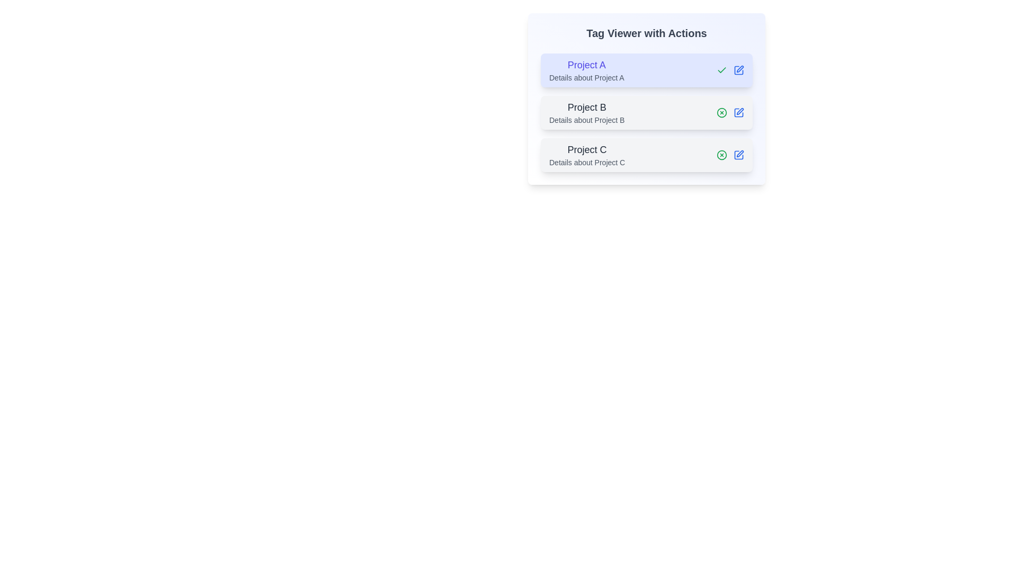 Image resolution: width=1017 pixels, height=572 pixels. I want to click on the tag identified by Project B, so click(721, 112).